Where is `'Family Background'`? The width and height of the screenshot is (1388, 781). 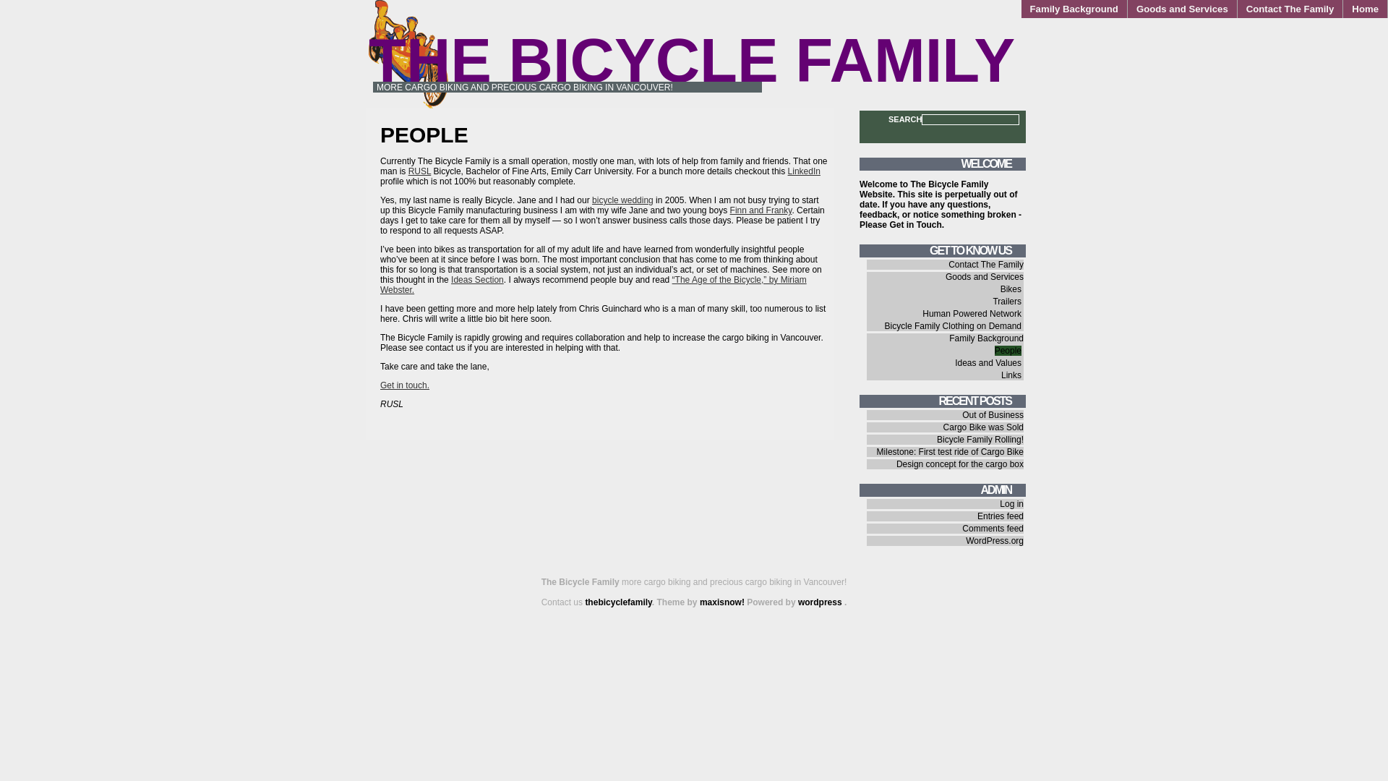 'Family Background' is located at coordinates (1074, 9).